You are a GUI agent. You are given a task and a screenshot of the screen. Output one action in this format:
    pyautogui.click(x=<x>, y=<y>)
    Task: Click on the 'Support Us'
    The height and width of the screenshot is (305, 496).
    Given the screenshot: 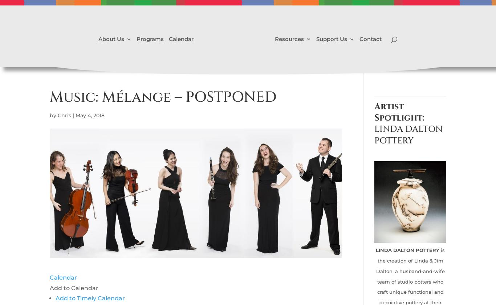 What is the action you would take?
    pyautogui.click(x=332, y=38)
    